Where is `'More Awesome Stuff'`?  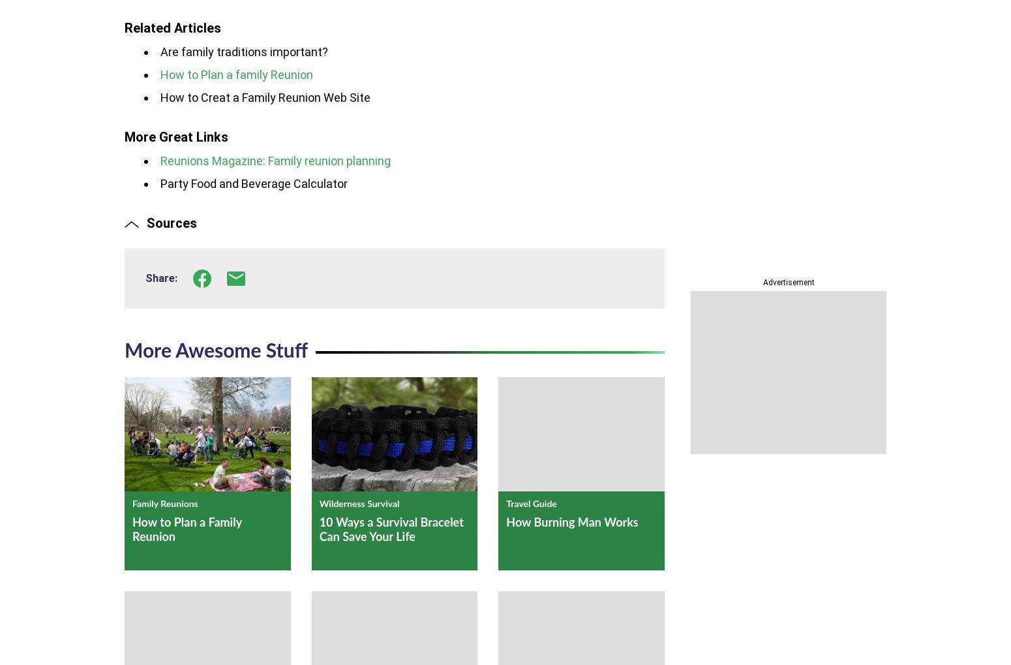
'More Awesome Stuff' is located at coordinates (123, 351).